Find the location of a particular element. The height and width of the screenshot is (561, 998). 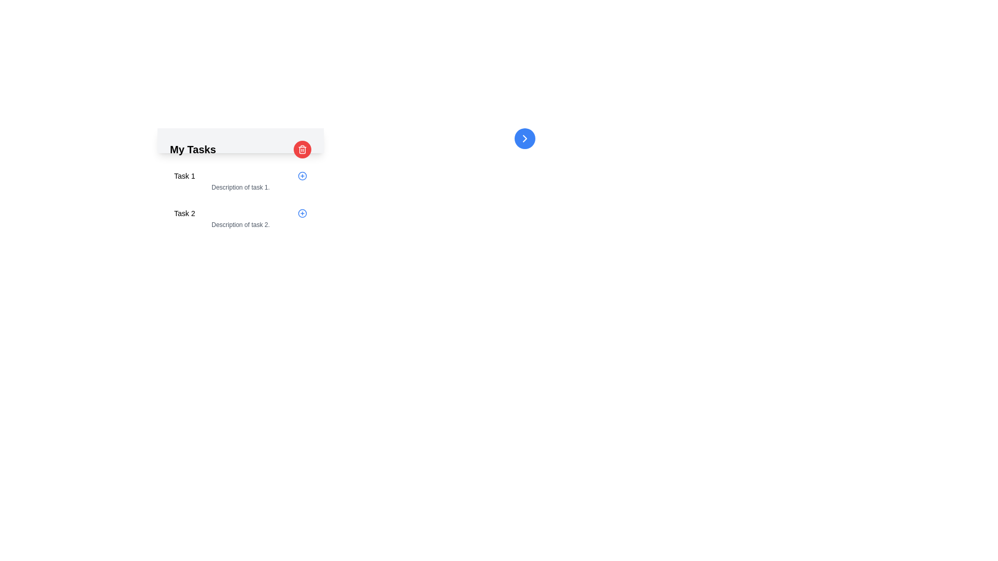

the right-facing chevron icon with a blue background is located at coordinates (524, 138).